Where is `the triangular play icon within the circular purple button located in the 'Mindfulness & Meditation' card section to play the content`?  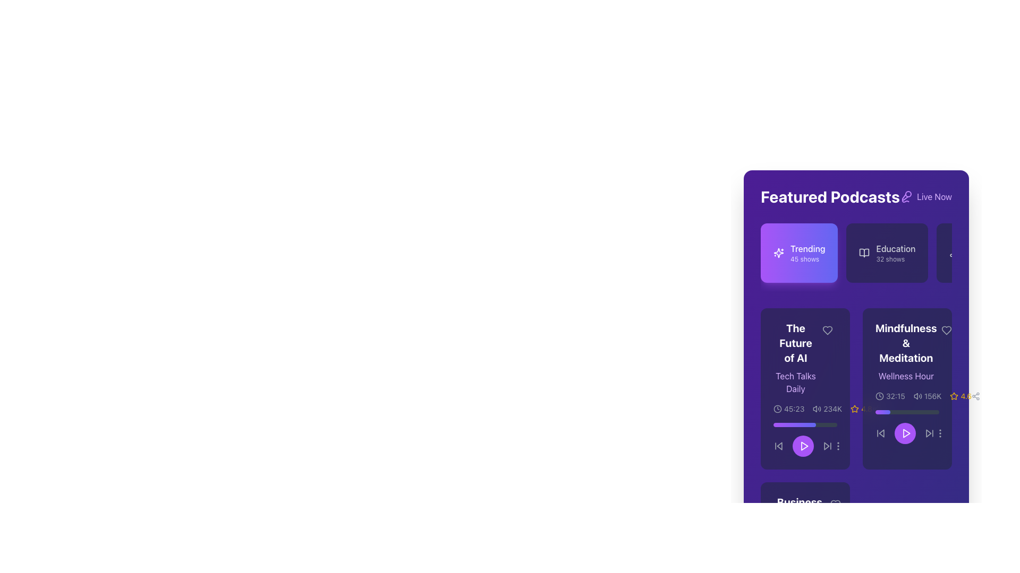
the triangular play icon within the circular purple button located in the 'Mindfulness & Meditation' card section to play the content is located at coordinates (905, 433).